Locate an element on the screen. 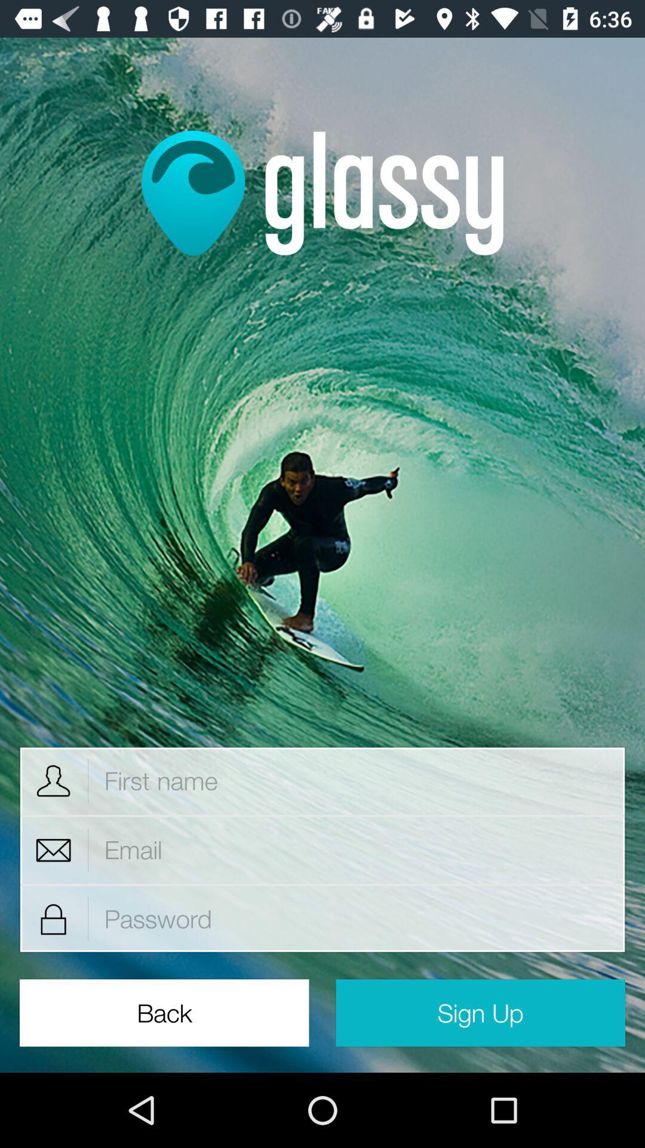 The height and width of the screenshot is (1148, 645). email address is located at coordinates (357, 849).